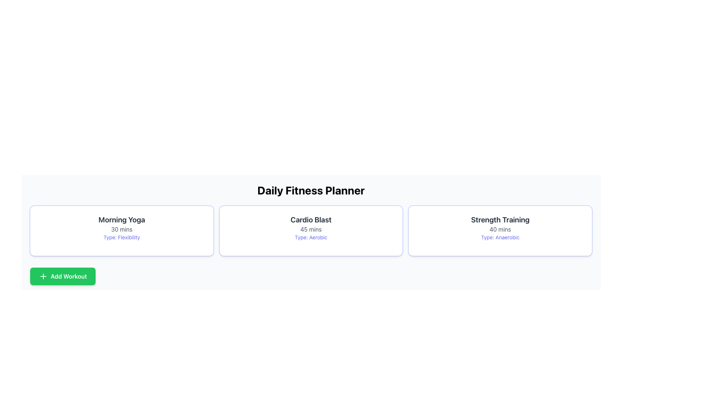  Describe the element at coordinates (500, 228) in the screenshot. I see `workout details displayed in the informational text block labeled 'Strength Training', including the duration '40 mins' and type 'Anaerobic'` at that location.